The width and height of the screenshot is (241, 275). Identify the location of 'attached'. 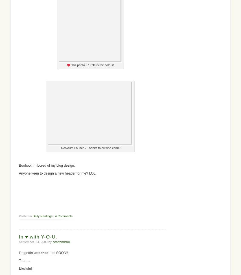
(41, 253).